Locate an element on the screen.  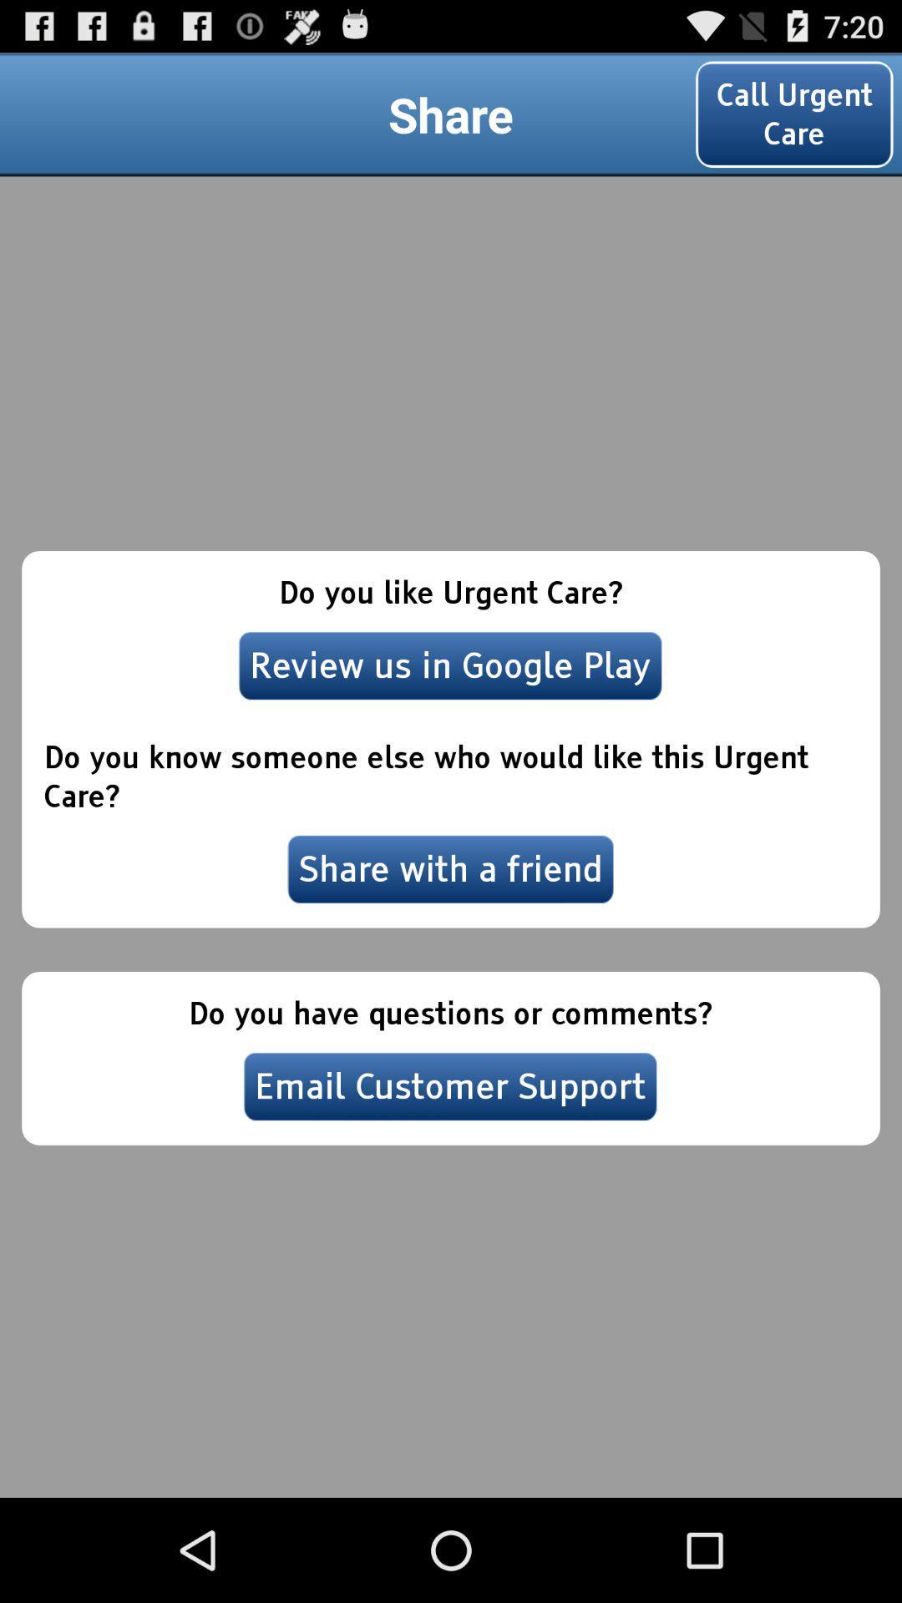
the review us in item is located at coordinates (449, 665).